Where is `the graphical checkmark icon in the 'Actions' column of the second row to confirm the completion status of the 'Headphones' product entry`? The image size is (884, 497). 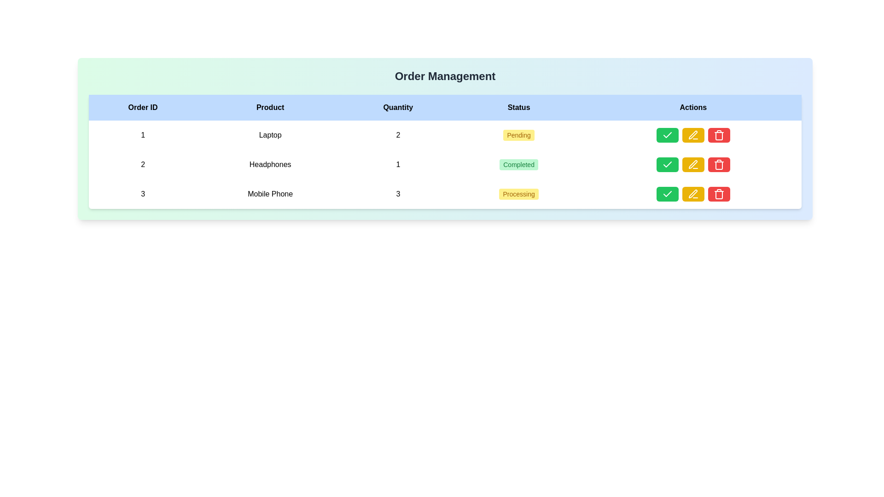
the graphical checkmark icon in the 'Actions' column of the second row to confirm the completion status of the 'Headphones' product entry is located at coordinates (667, 135).